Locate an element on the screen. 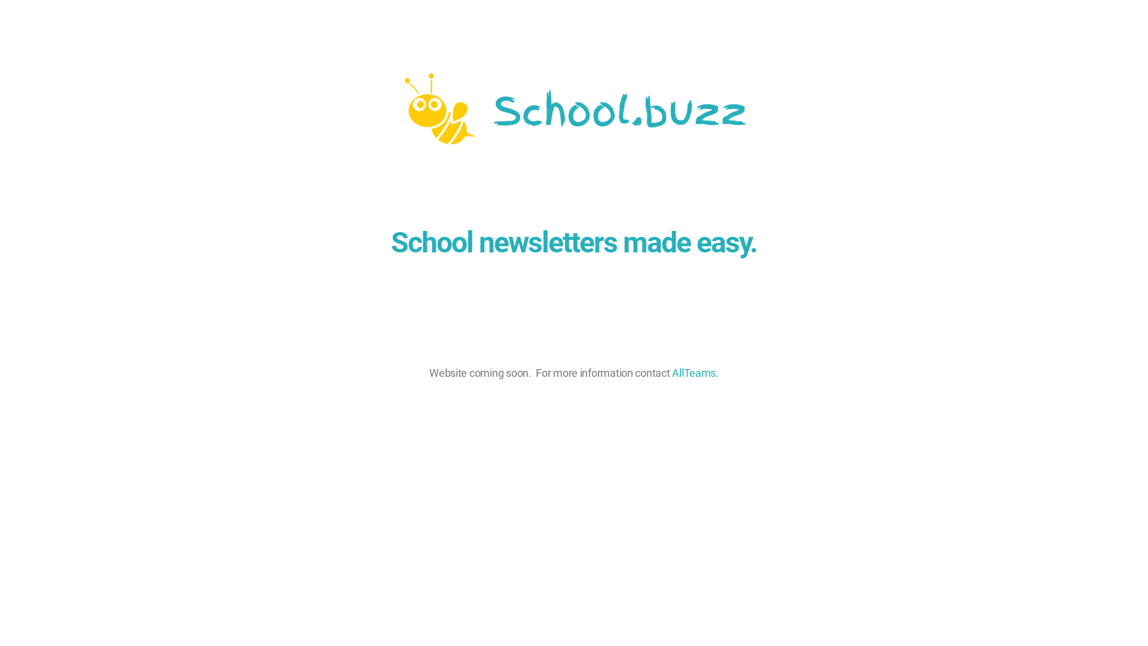 Image resolution: width=1148 pixels, height=646 pixels. 'AllTeams' is located at coordinates (671, 372).